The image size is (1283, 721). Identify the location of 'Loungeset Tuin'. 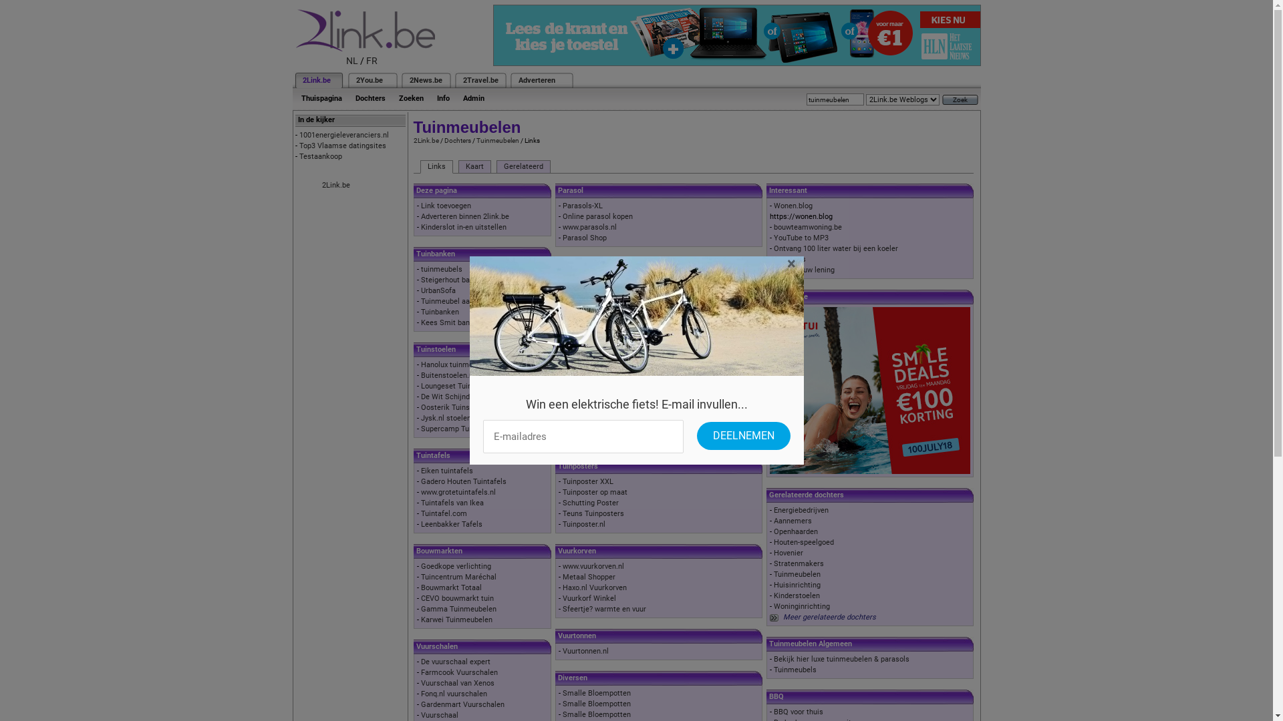
(446, 386).